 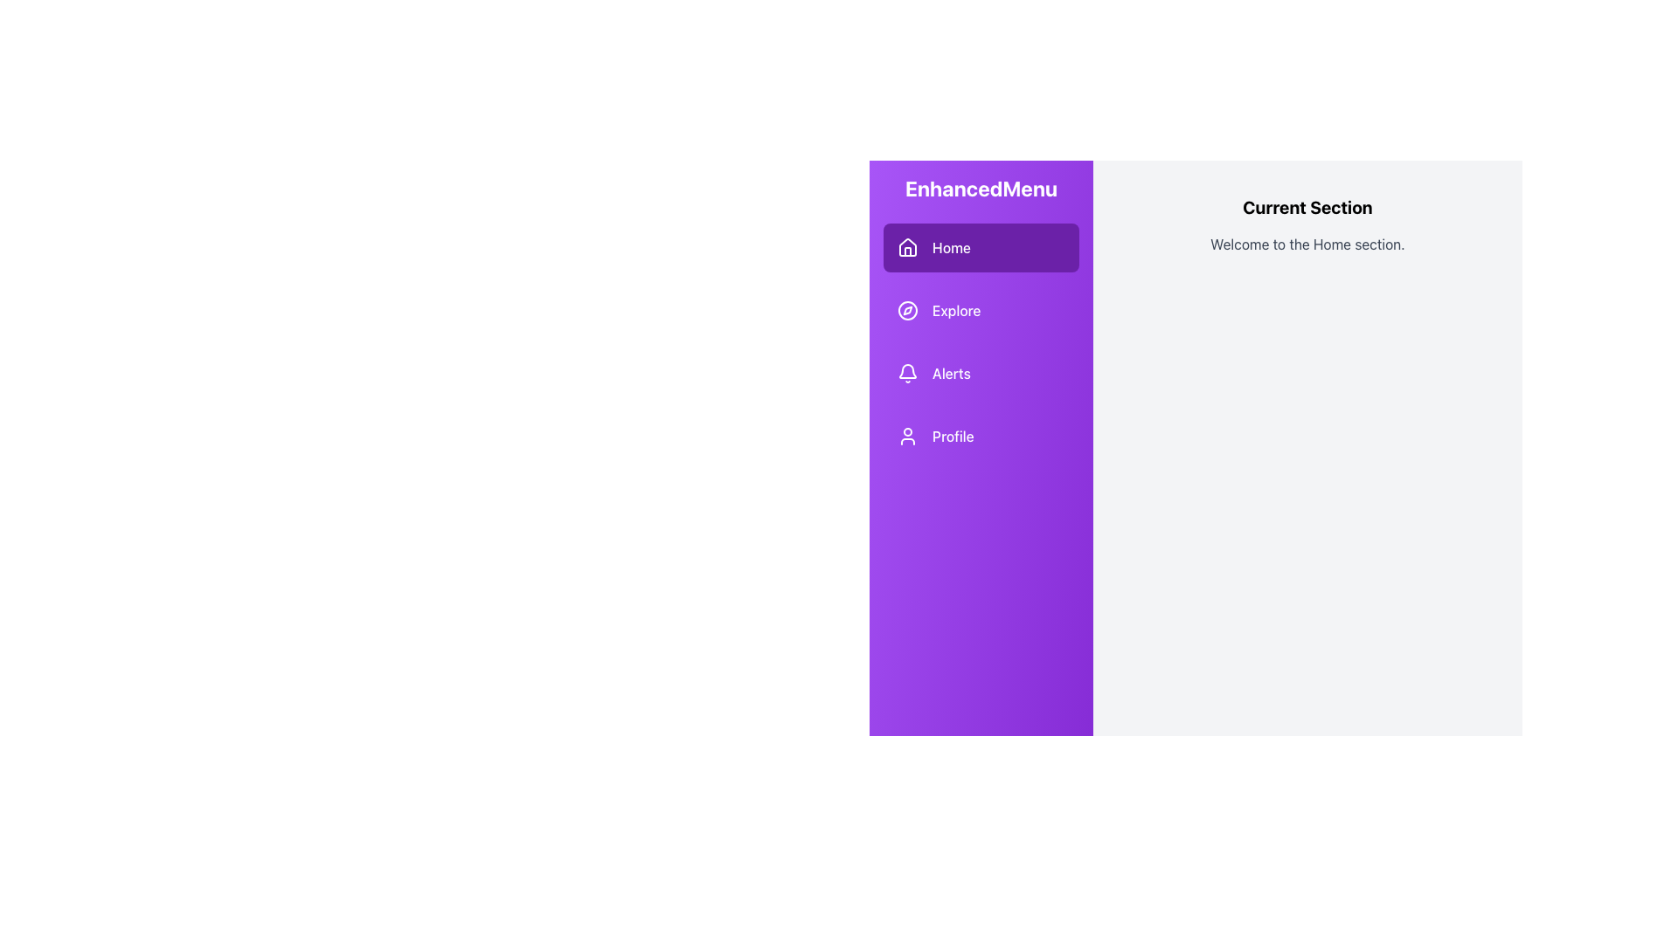 I want to click on the 'Alerts' text label located in the vertical navigation menu, which is the third item under 'Home' and 'Explore', so click(x=951, y=373).